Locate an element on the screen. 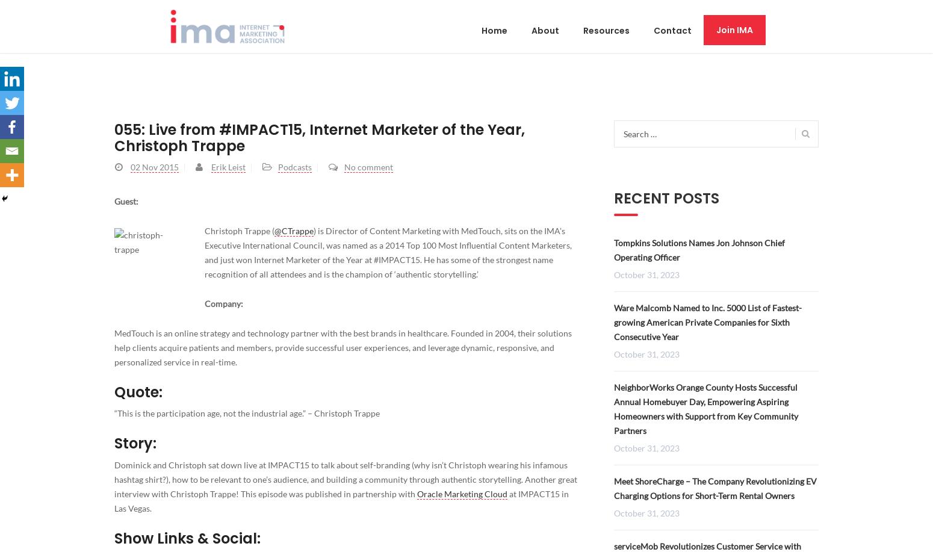 The image size is (933, 552). 'IMPACT SHOW' is located at coordinates (136, 119).